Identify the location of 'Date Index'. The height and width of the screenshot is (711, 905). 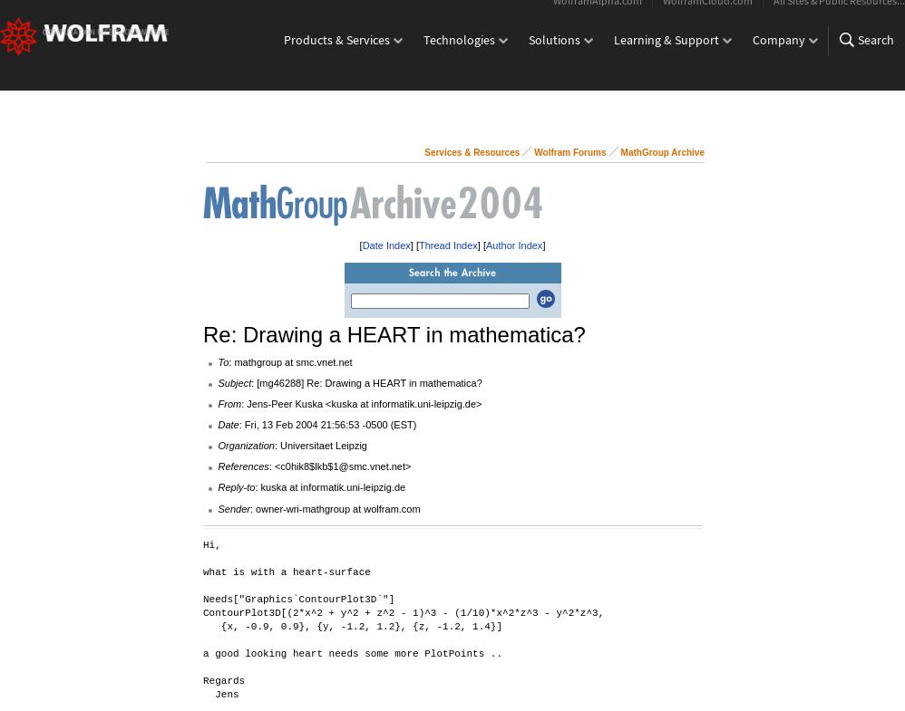
(385, 244).